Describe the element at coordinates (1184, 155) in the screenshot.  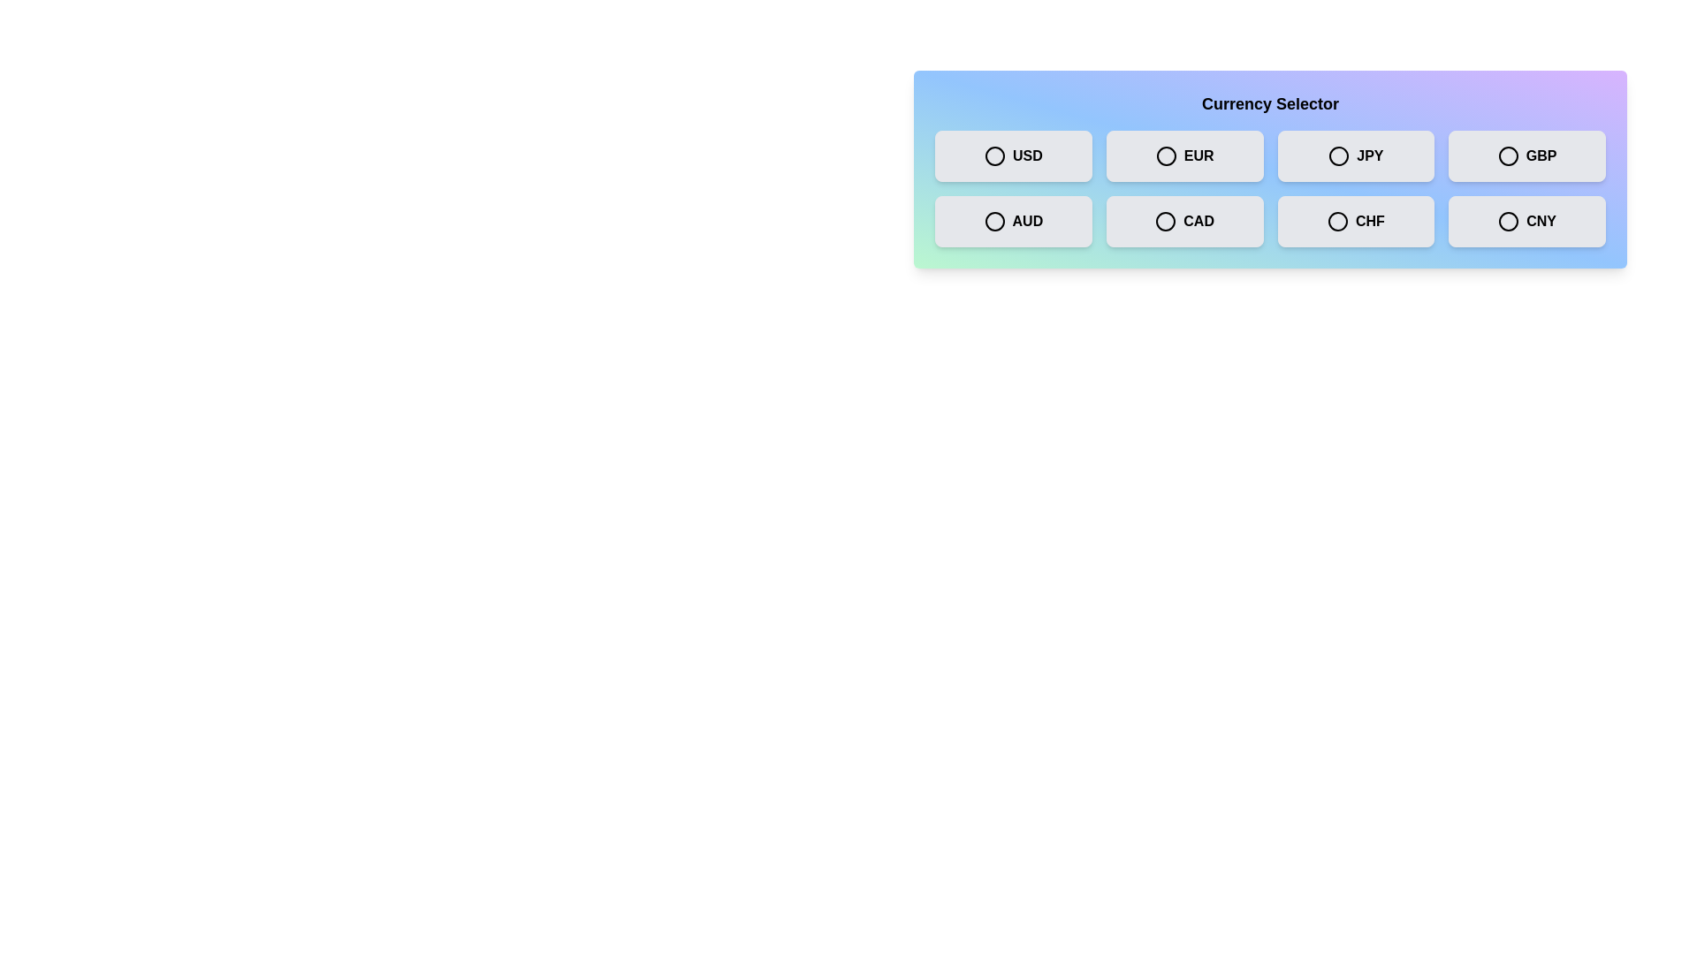
I see `the currency box labeled EUR to observe the hover effect` at that location.